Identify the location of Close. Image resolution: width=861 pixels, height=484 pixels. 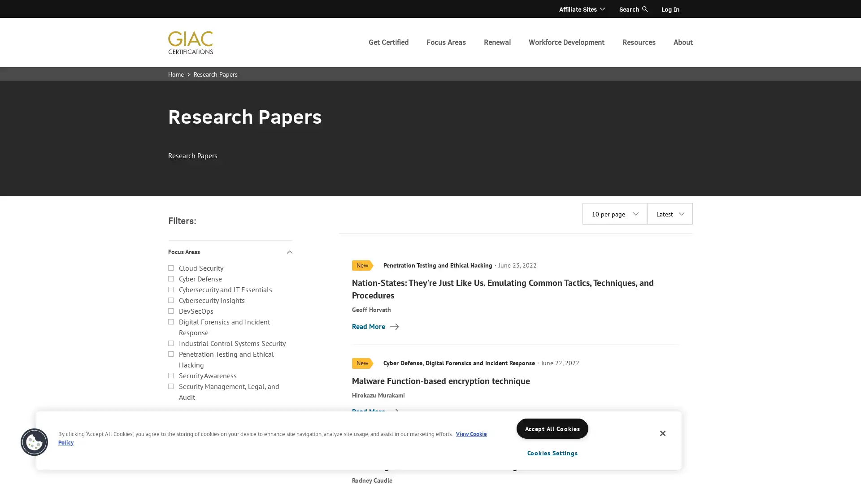
(663, 433).